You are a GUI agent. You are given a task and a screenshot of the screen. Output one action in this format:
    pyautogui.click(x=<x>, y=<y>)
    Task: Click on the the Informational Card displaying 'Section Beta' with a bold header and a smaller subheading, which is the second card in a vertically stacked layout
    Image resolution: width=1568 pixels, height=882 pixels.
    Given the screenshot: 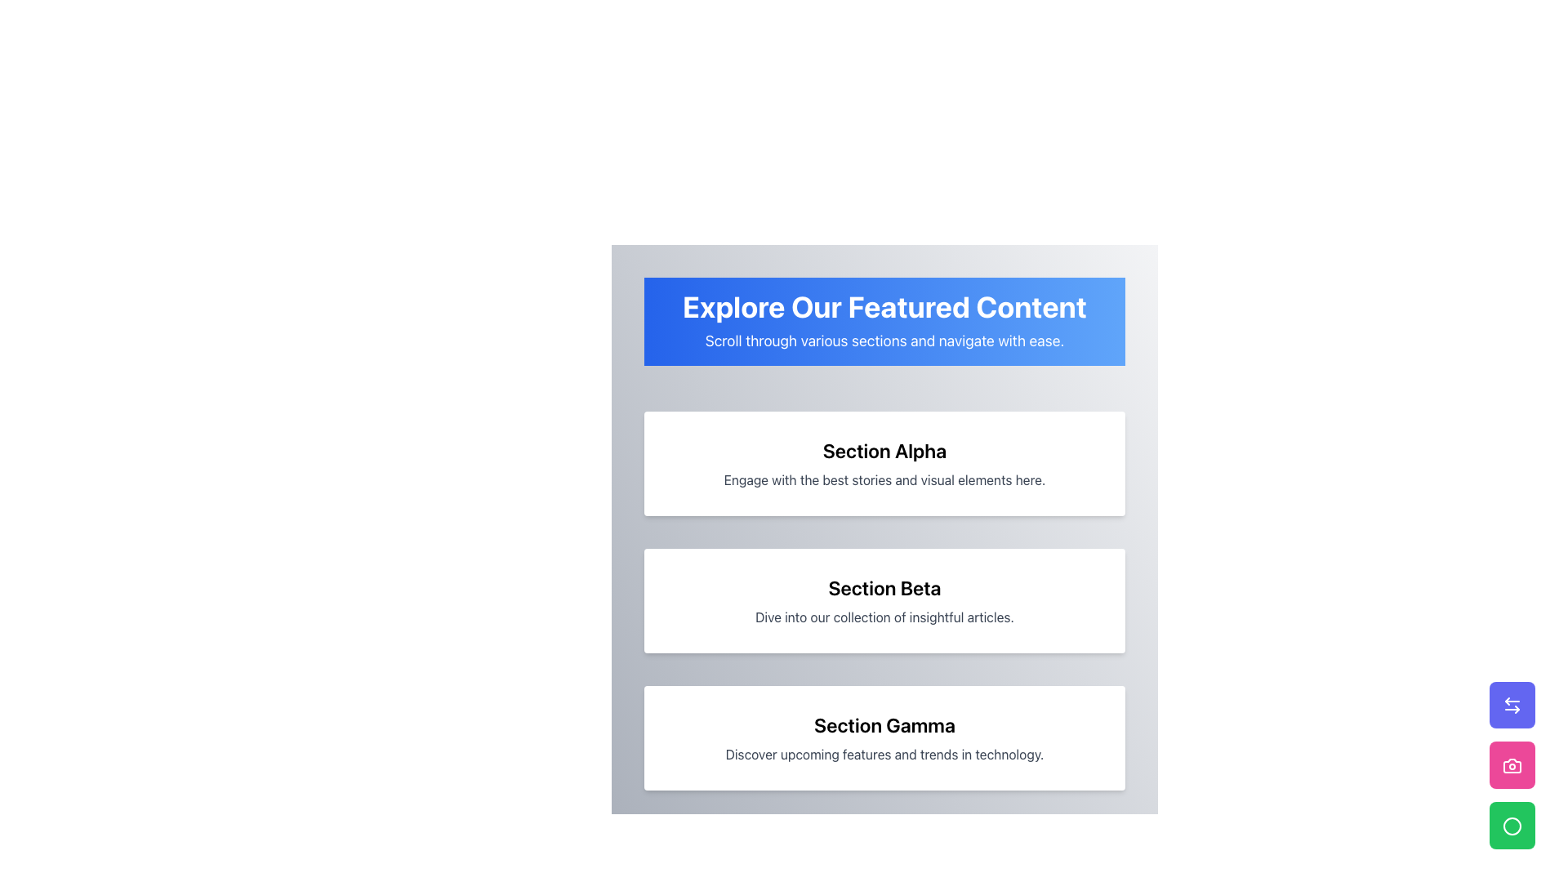 What is the action you would take?
    pyautogui.click(x=884, y=601)
    